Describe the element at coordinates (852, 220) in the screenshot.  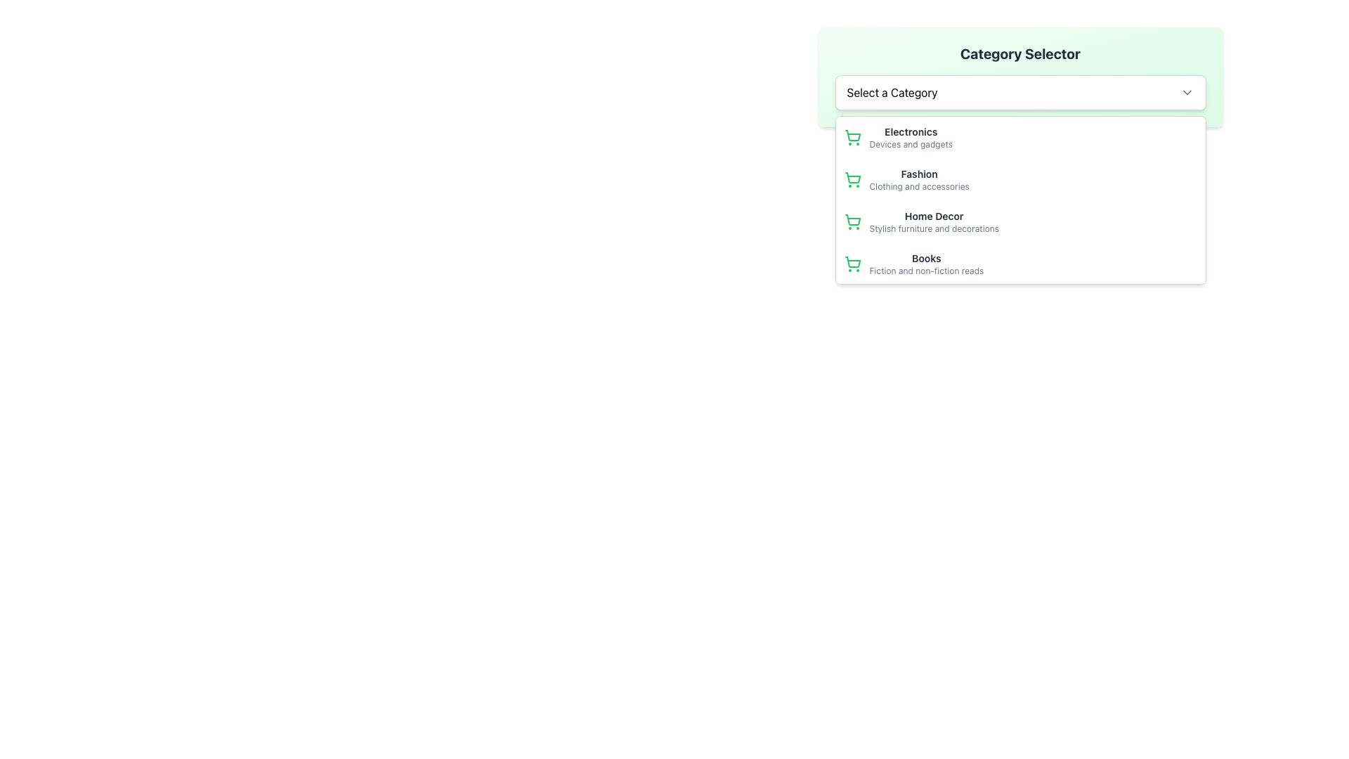
I see `the visual representation of the green shopping cart icon located to the left of the 'Home Decor' text in the dropdown menu` at that location.